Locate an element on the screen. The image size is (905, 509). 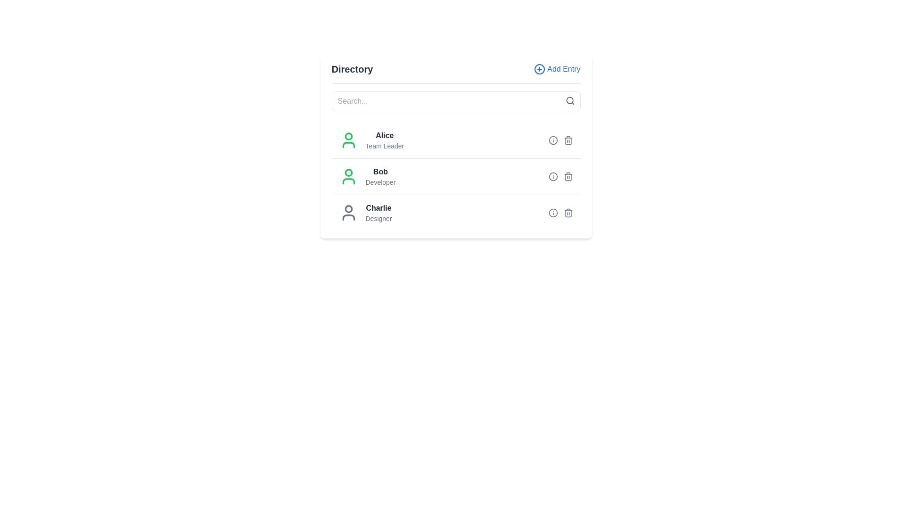
the SVG Circle Graphic that is part of an icon located to the right of the name 'Charlie' in the directory list is located at coordinates (553, 213).